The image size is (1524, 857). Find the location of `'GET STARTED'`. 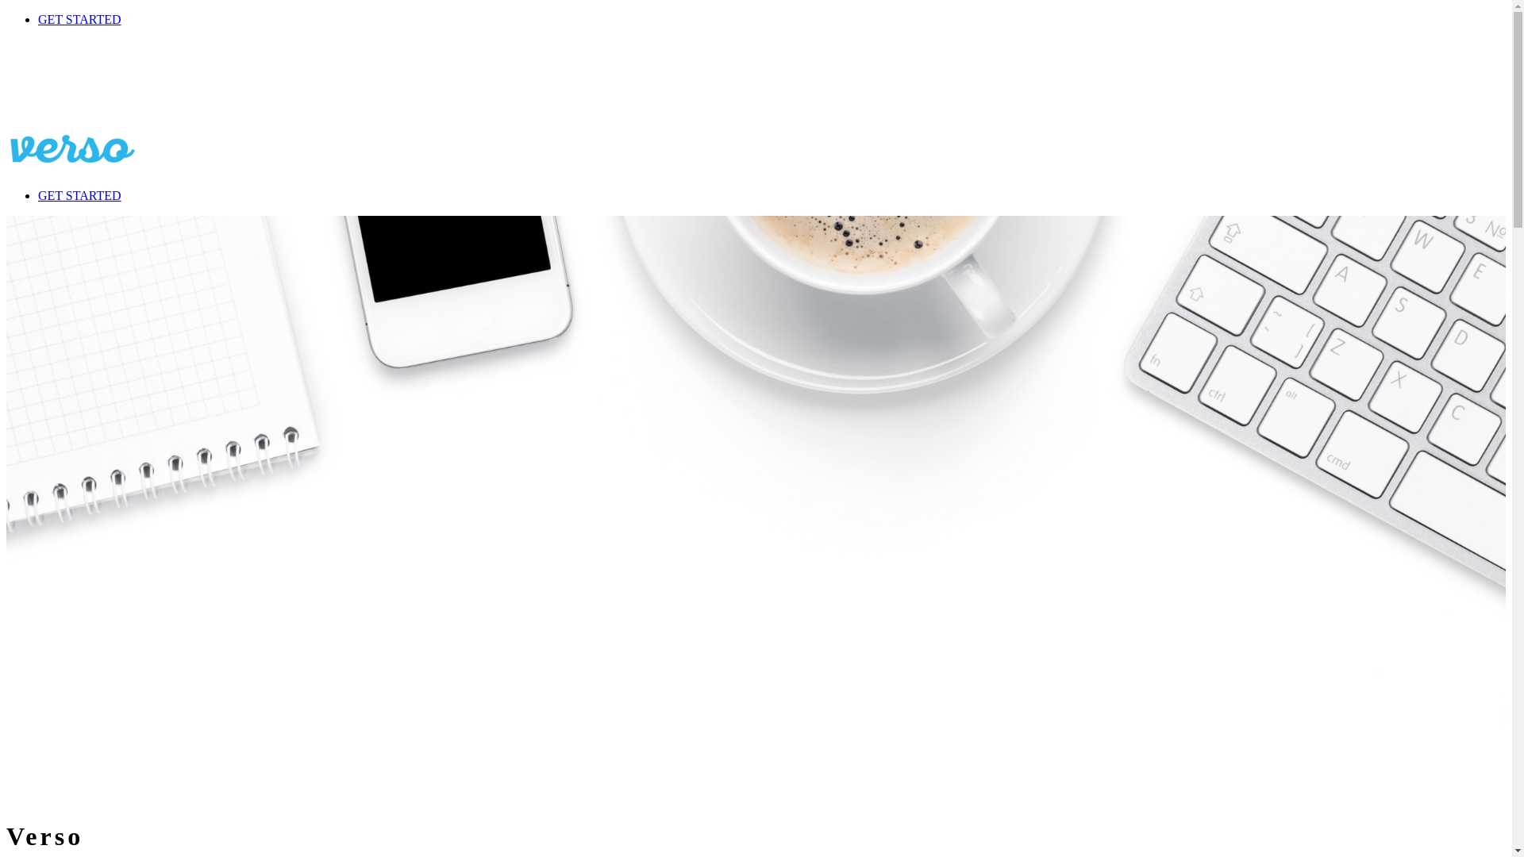

'GET STARTED' is located at coordinates (79, 194).